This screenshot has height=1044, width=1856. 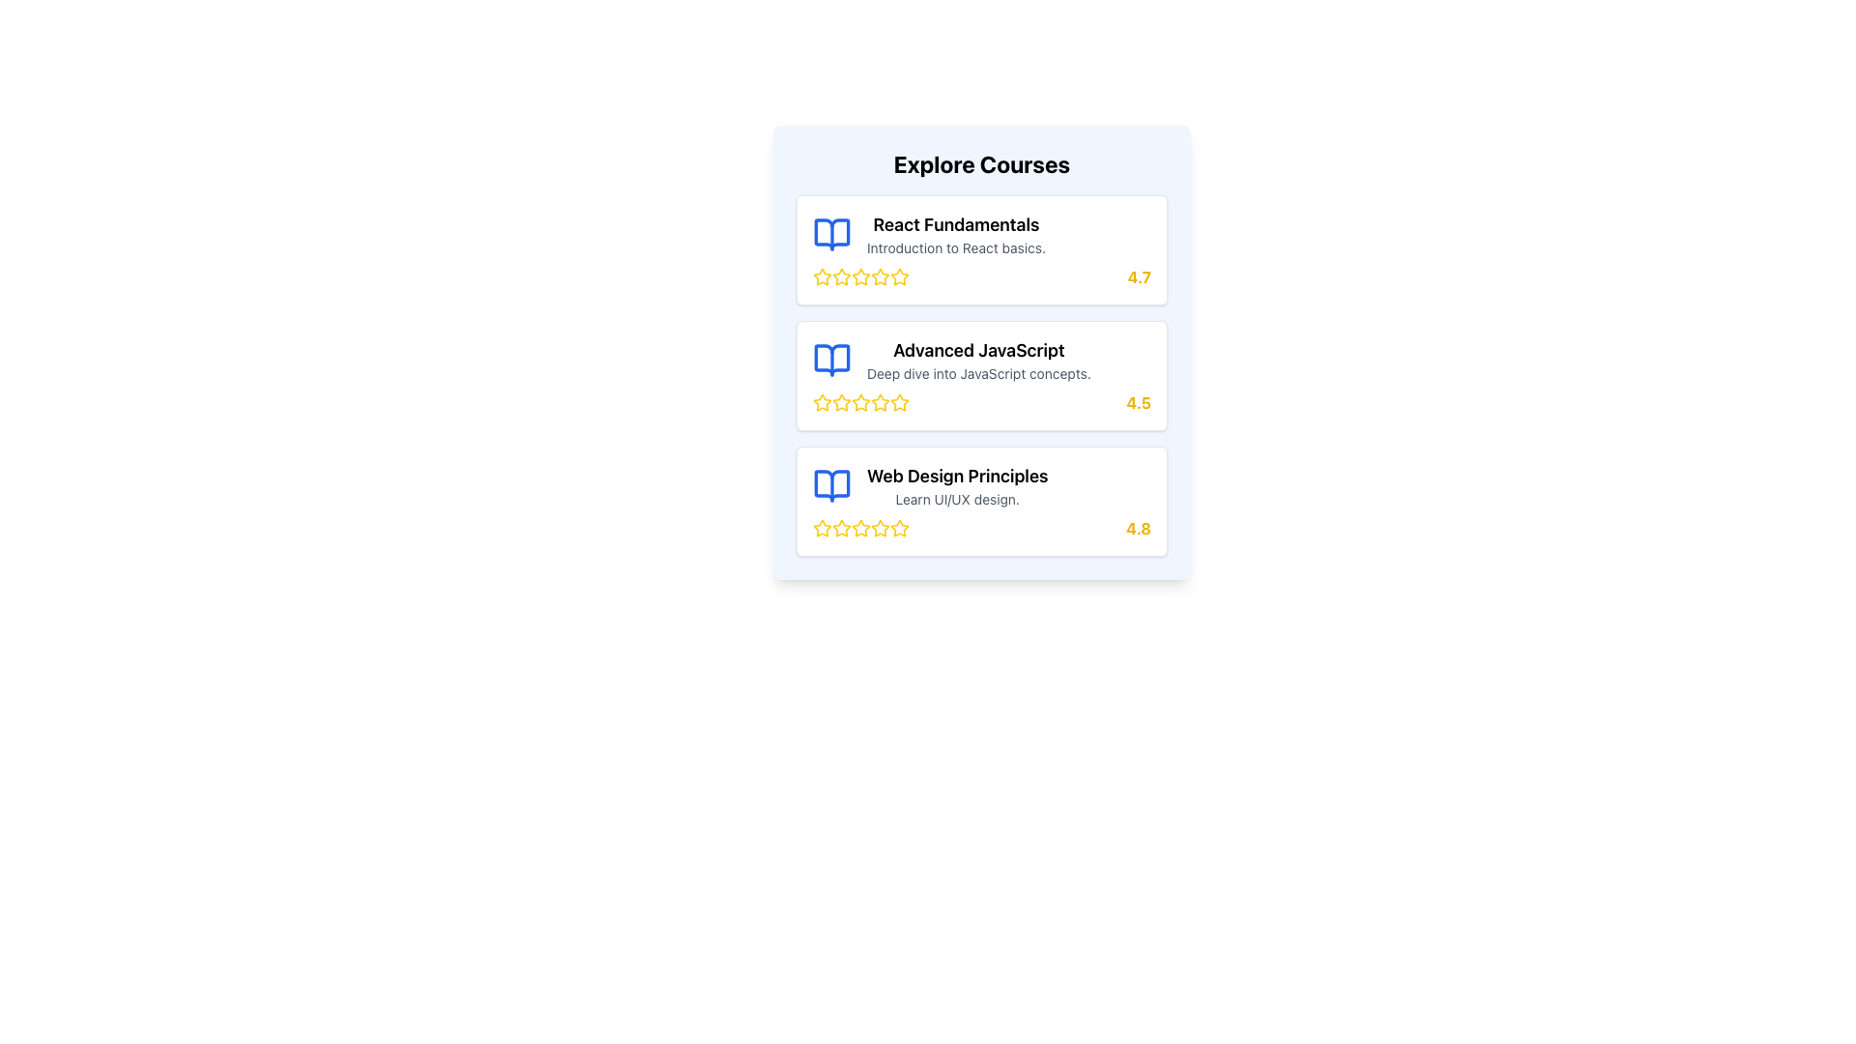 What do you see at coordinates (858, 528) in the screenshot?
I see `the third star icon in the rating system for the course 'Web Design Principles' to provide a rating` at bounding box center [858, 528].